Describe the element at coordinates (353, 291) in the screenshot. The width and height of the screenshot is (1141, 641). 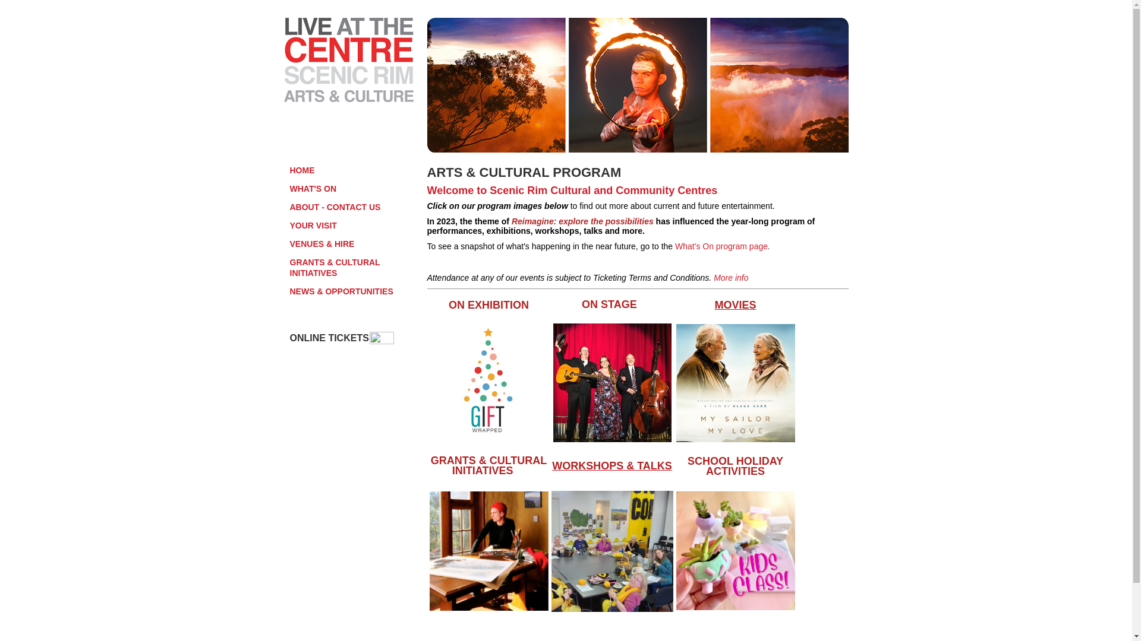
I see `'NEWS & OPPORTUNITIES'` at that location.